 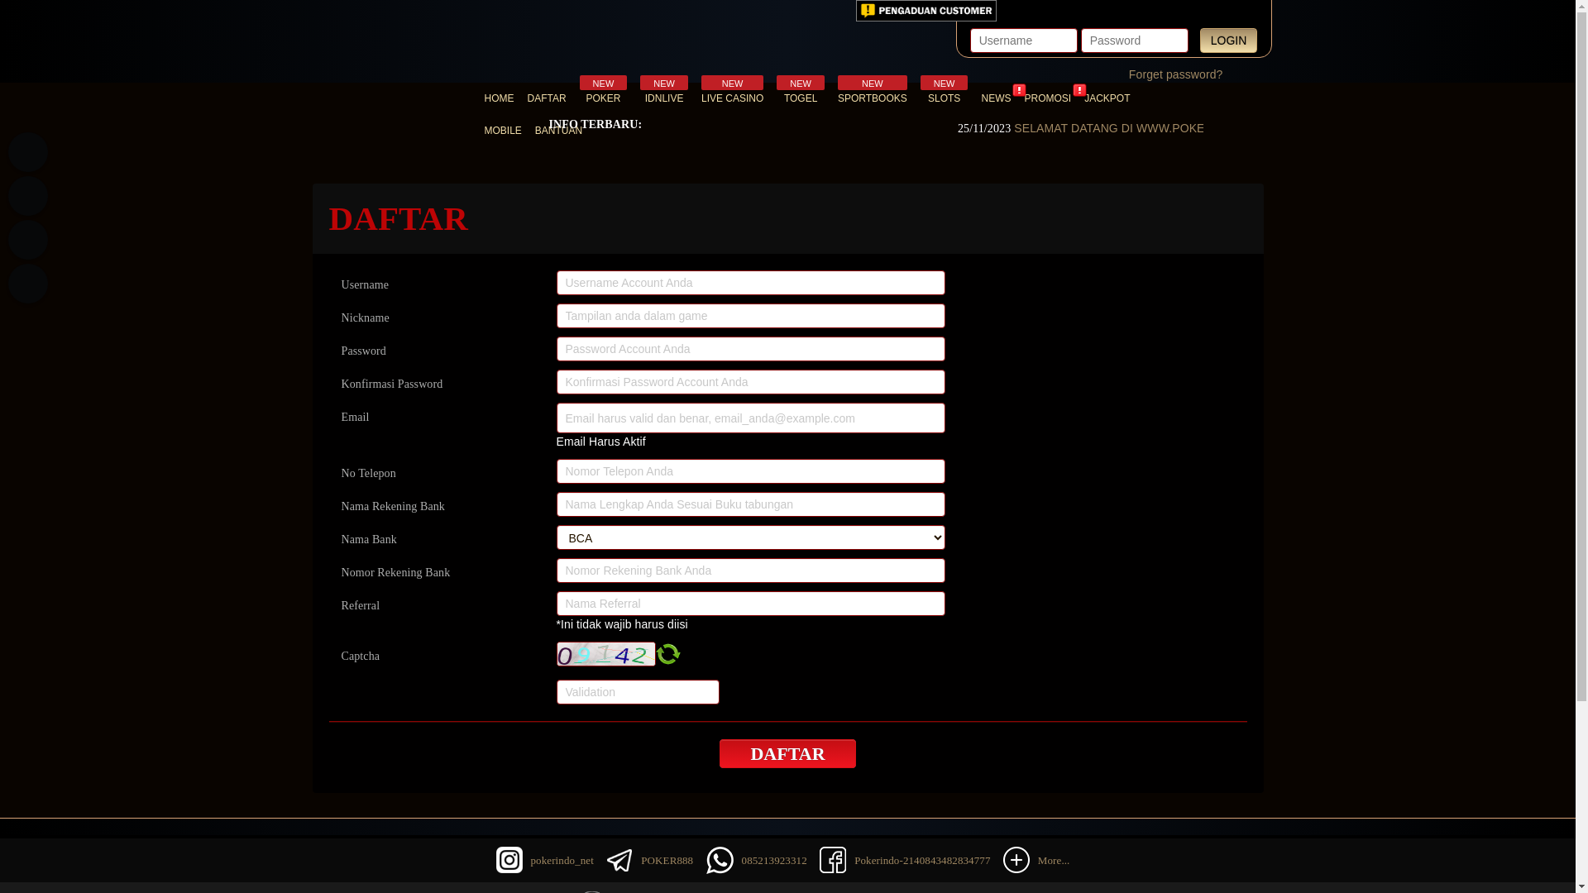 I want to click on 'DAFTAR', so click(x=719, y=753).